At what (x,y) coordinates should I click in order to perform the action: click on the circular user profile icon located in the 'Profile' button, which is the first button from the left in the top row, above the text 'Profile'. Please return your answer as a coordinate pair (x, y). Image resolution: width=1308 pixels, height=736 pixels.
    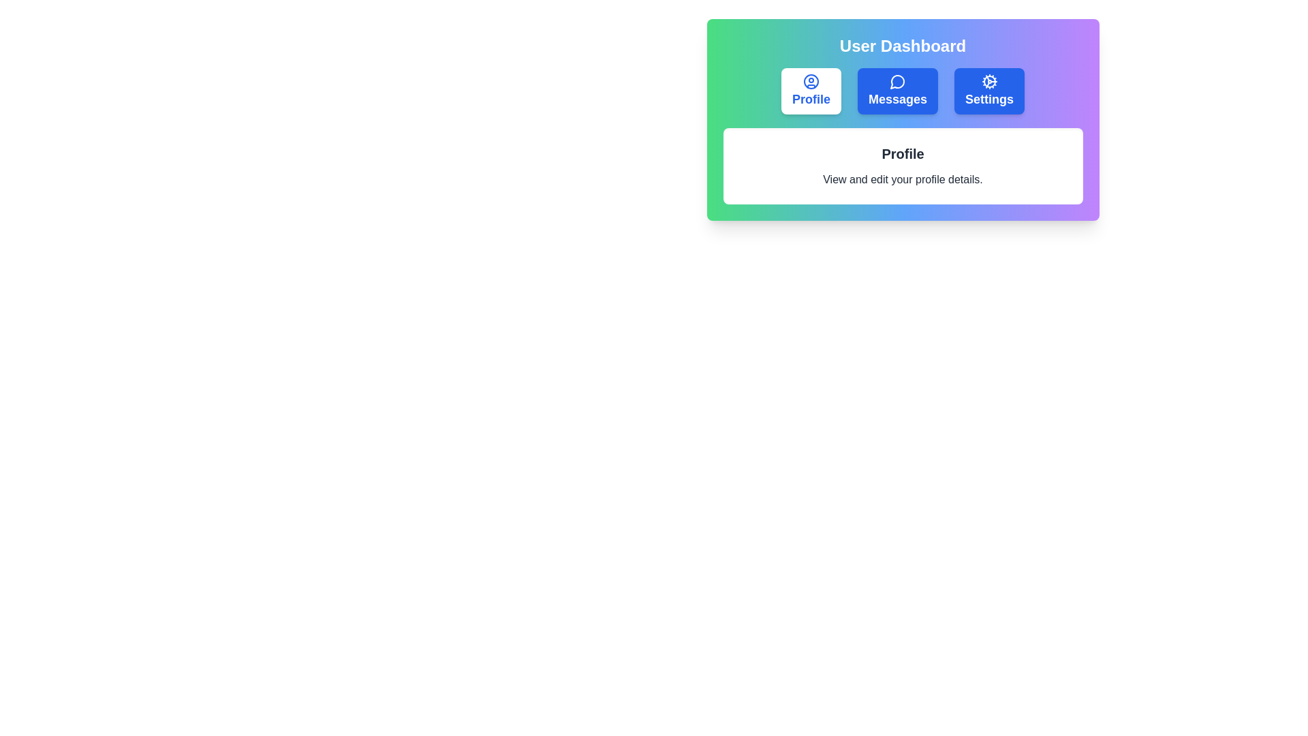
    Looking at the image, I should click on (811, 81).